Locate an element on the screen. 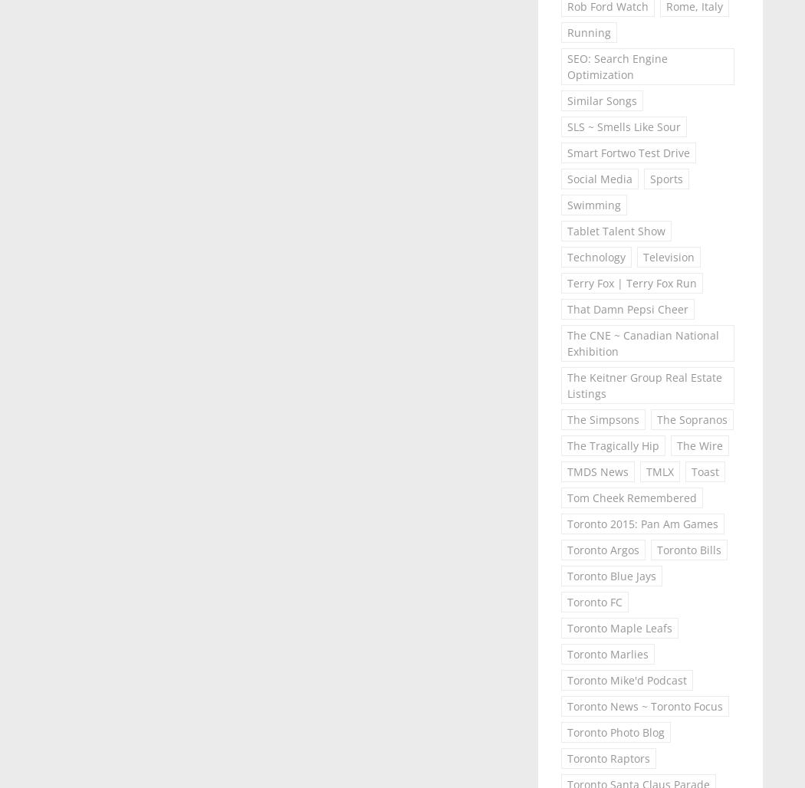 The image size is (805, 788). 'TMLX' is located at coordinates (645, 471).